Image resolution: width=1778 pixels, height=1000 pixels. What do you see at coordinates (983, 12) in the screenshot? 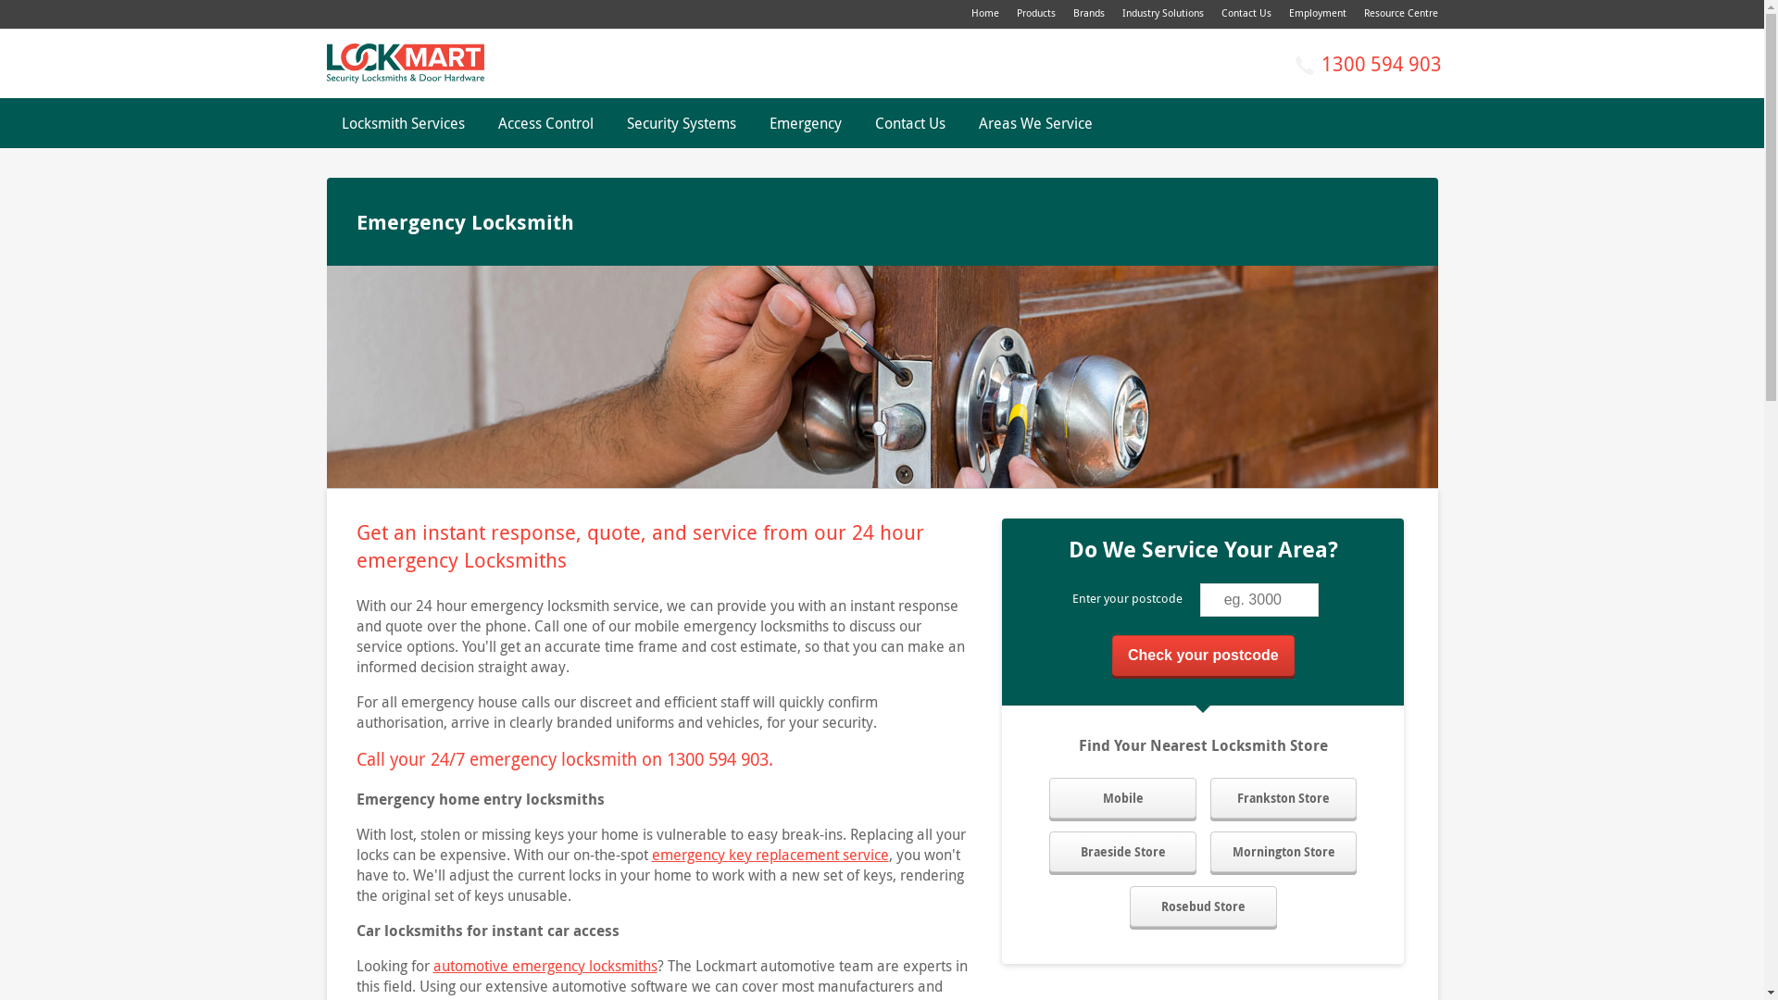
I see `'Home'` at bounding box center [983, 12].